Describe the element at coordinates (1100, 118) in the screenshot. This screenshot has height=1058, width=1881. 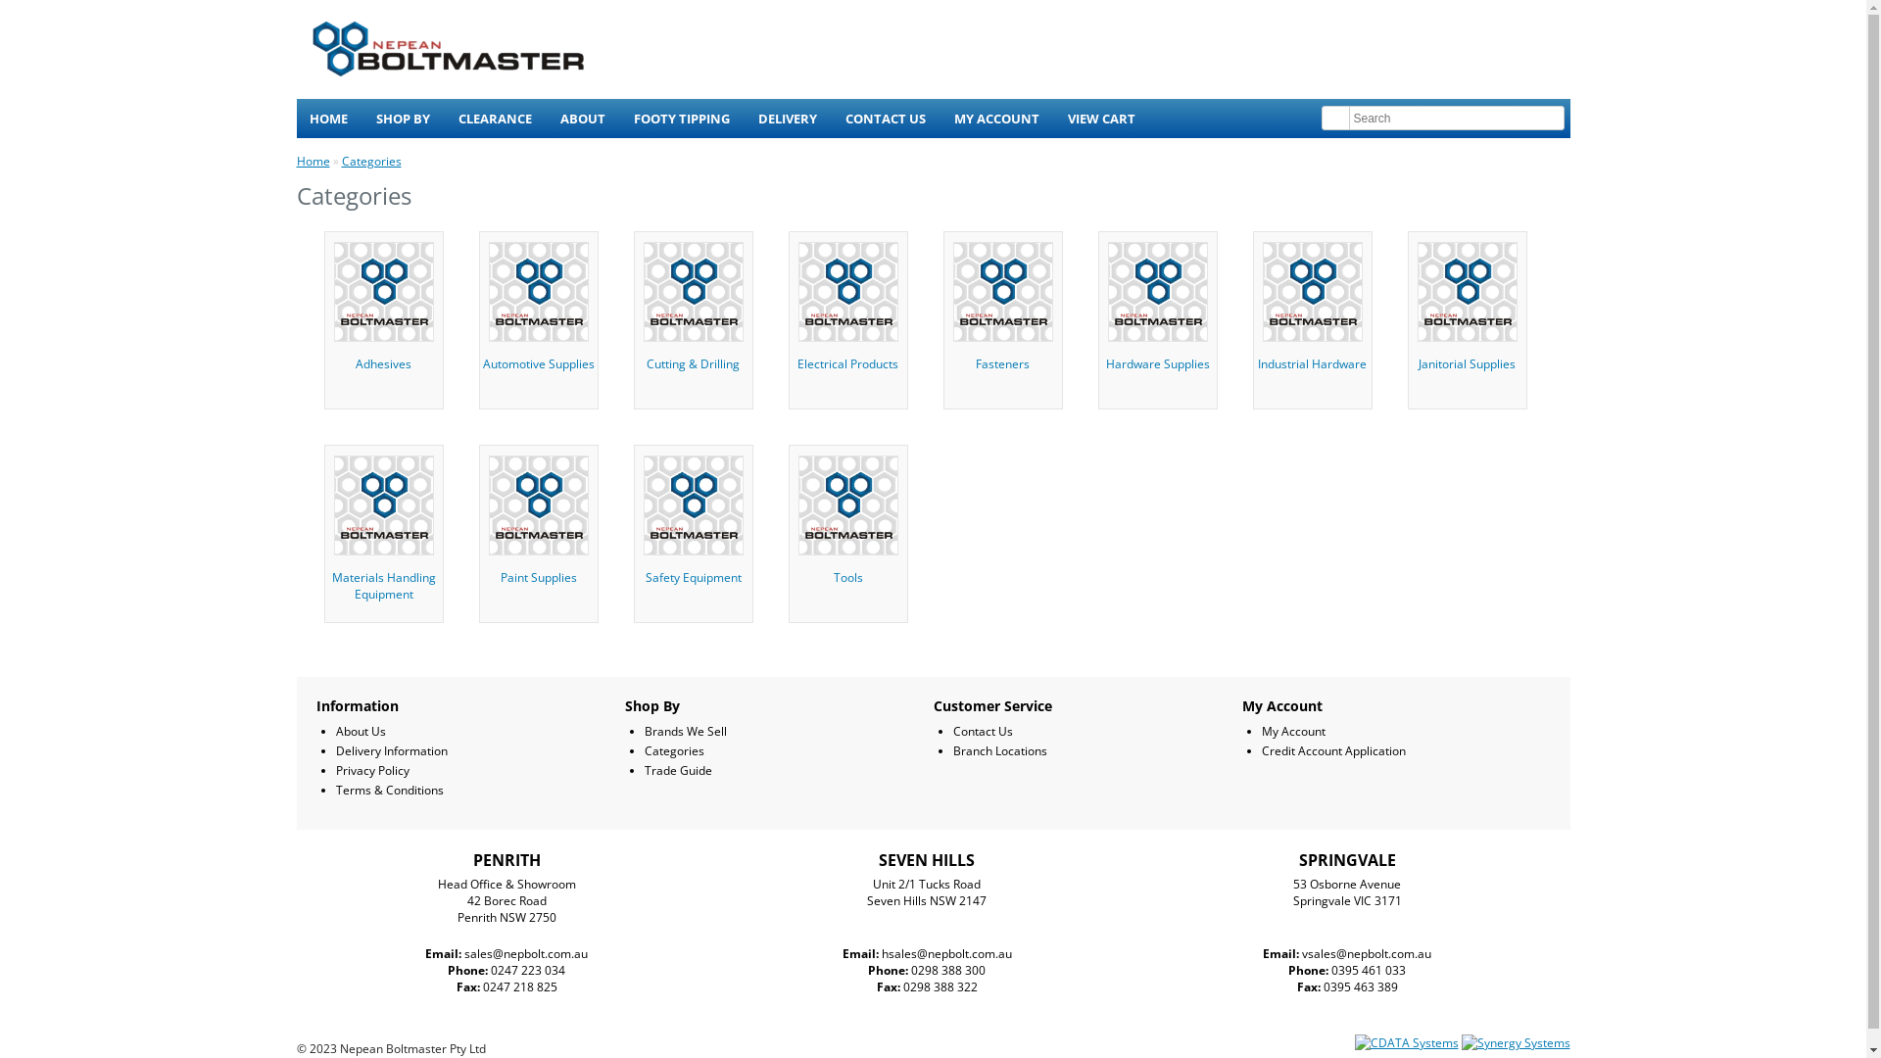
I see `'VIEW CART'` at that location.